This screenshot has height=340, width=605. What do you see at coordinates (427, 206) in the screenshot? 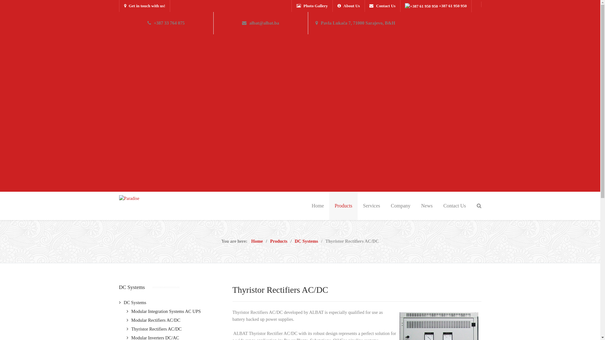
I see `'News'` at bounding box center [427, 206].